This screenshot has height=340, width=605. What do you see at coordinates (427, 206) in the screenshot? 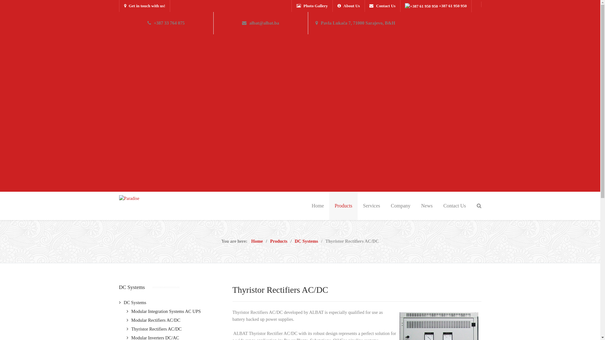
I see `'News'` at bounding box center [427, 206].